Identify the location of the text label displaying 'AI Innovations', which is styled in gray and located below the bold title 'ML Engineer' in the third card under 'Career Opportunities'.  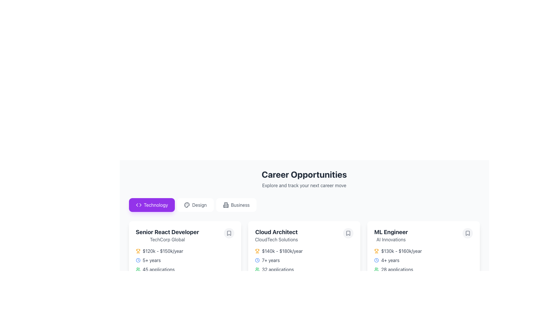
(391, 240).